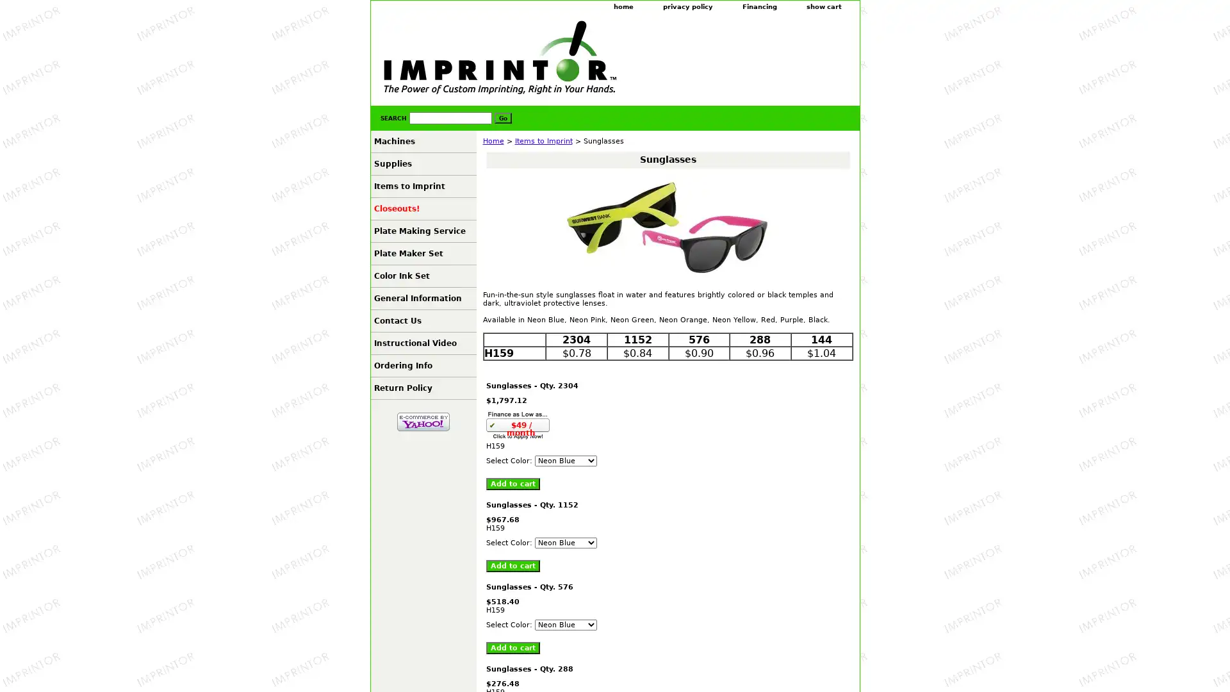 The height and width of the screenshot is (692, 1230). Describe the element at coordinates (512, 565) in the screenshot. I see `Add to cart` at that location.